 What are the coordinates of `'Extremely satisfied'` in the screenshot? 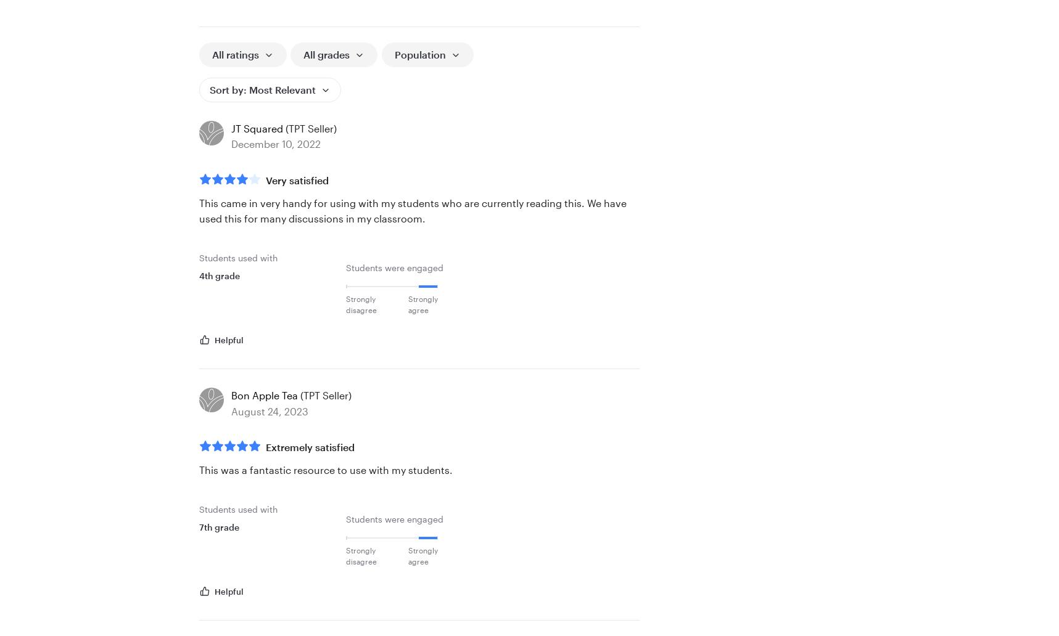 It's located at (310, 446).